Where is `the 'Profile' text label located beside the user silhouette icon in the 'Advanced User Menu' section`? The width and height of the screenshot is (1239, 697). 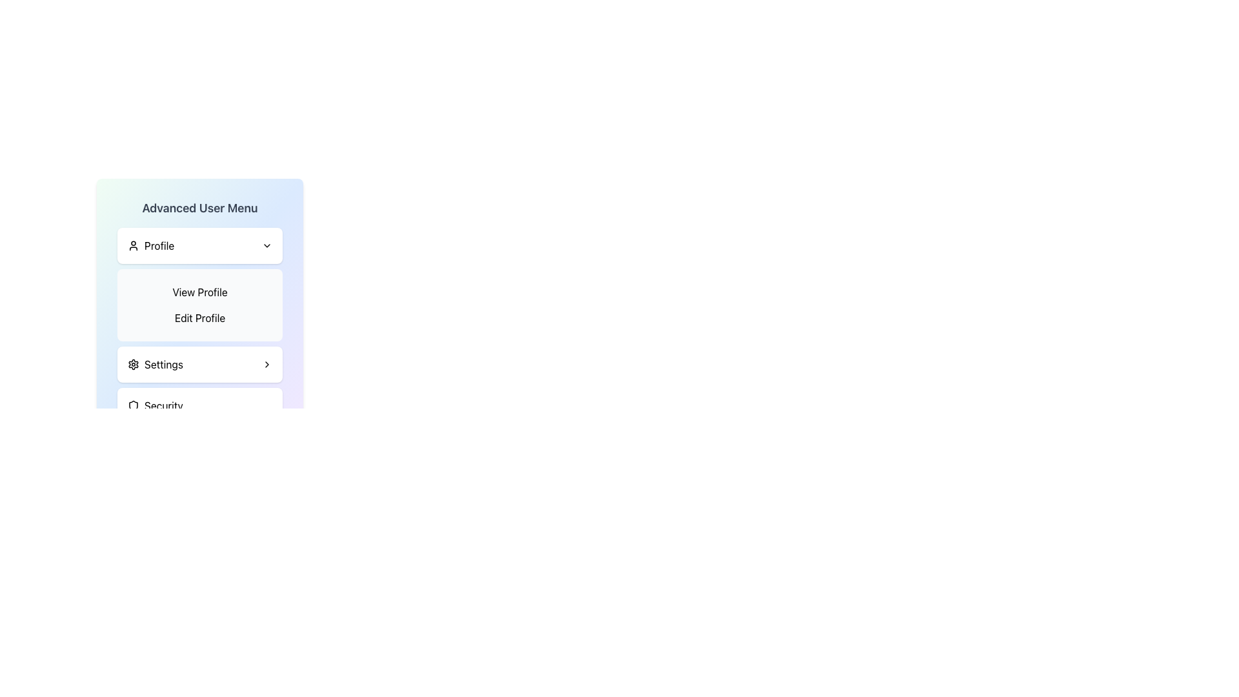
the 'Profile' text label located beside the user silhouette icon in the 'Advanced User Menu' section is located at coordinates (159, 246).